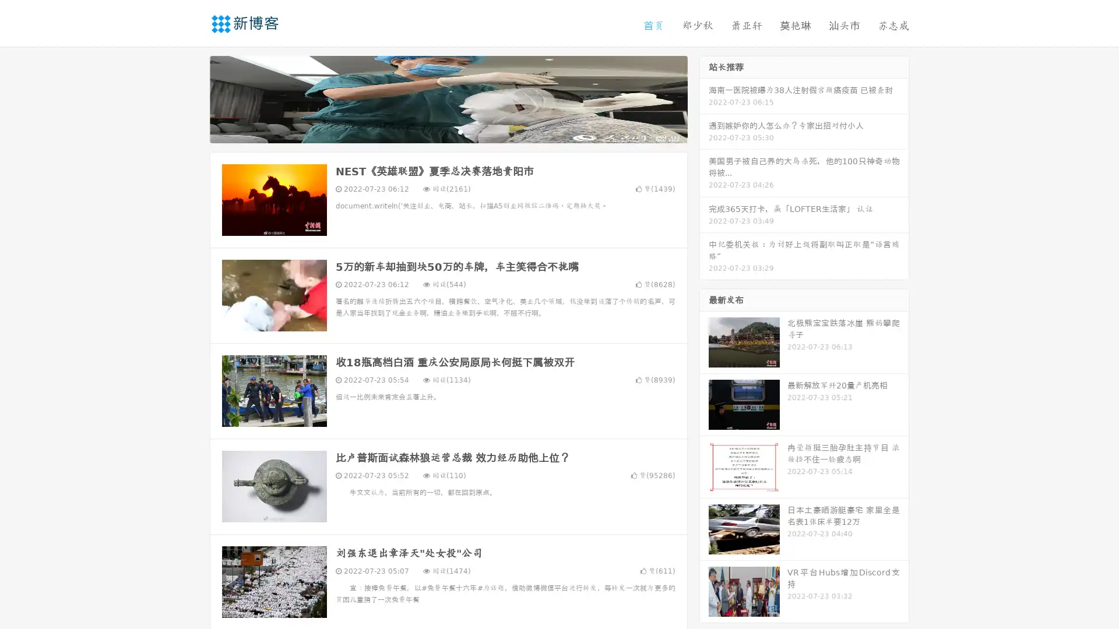  What do you see at coordinates (192, 98) in the screenshot?
I see `Previous slide` at bounding box center [192, 98].